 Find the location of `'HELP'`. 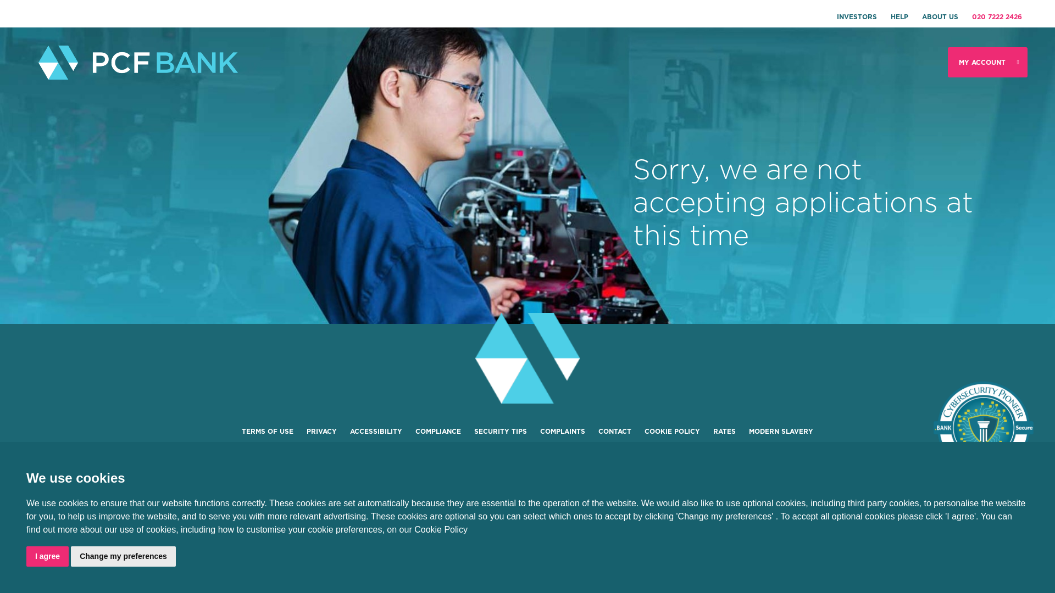

'HELP' is located at coordinates (899, 17).